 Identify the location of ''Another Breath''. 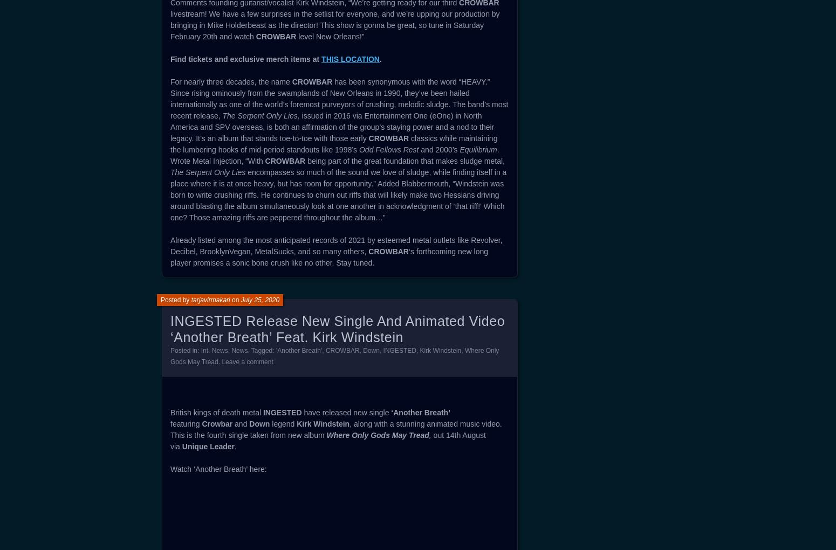
(298, 350).